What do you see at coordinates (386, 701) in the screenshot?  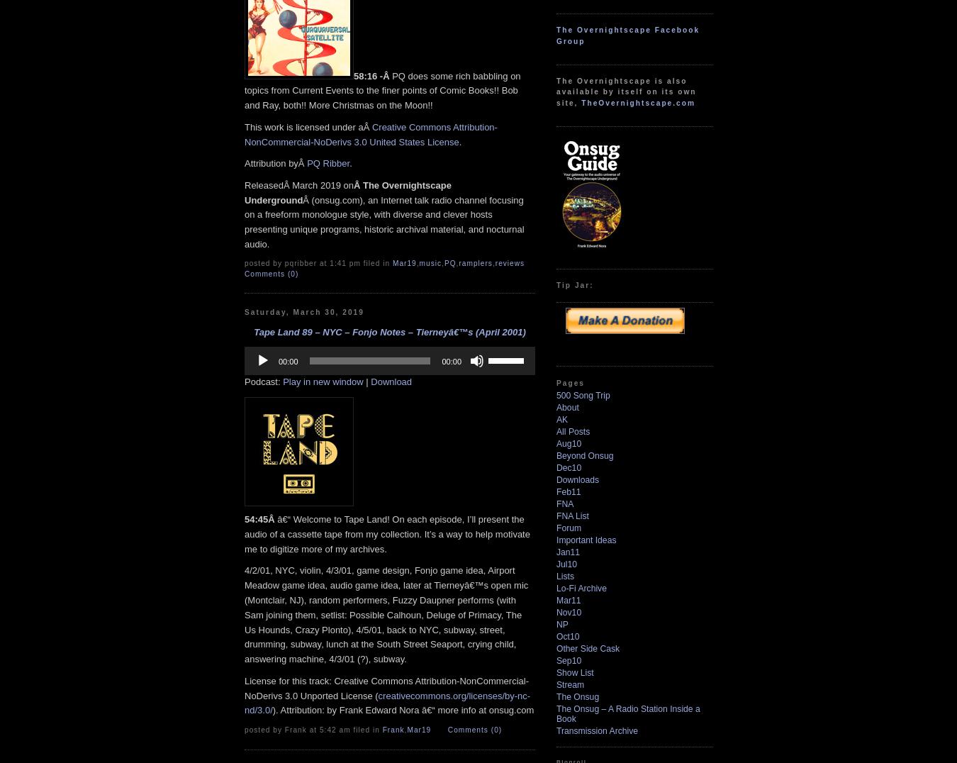 I see `'creativecommons.org/licenses/by-nc-nd/3.0/'` at bounding box center [386, 701].